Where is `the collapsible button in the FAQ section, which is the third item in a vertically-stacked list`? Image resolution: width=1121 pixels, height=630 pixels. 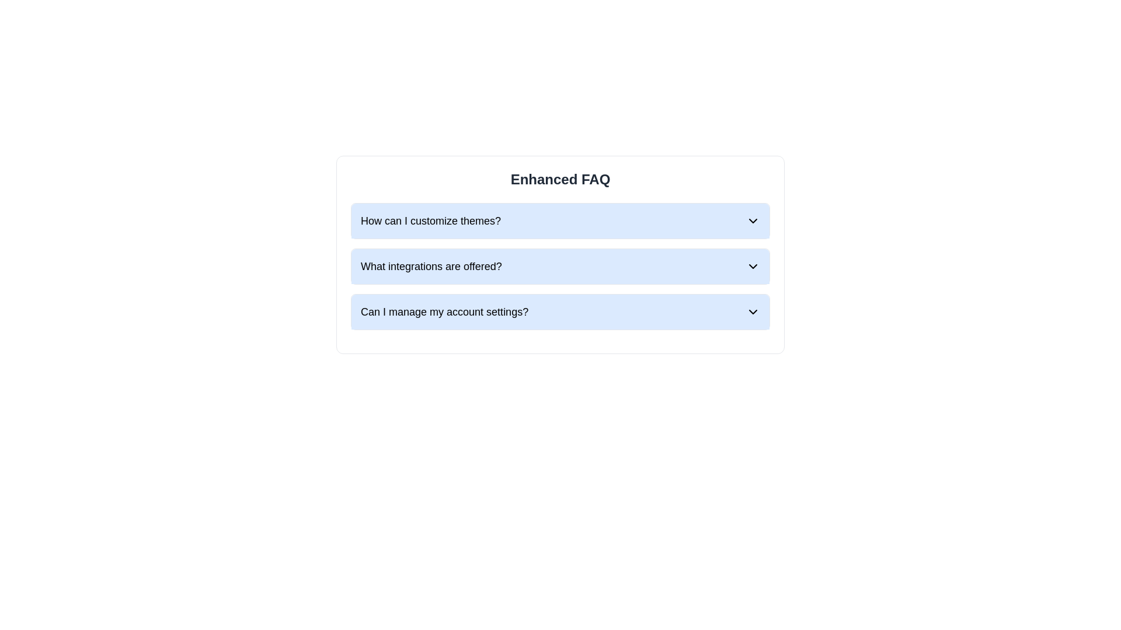 the collapsible button in the FAQ section, which is the third item in a vertically-stacked list is located at coordinates (560, 311).